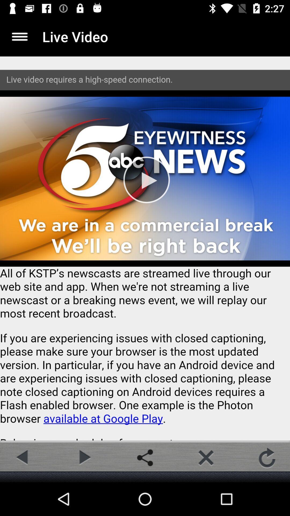 This screenshot has height=516, width=290. Describe the element at coordinates (84, 457) in the screenshot. I see `next option` at that location.